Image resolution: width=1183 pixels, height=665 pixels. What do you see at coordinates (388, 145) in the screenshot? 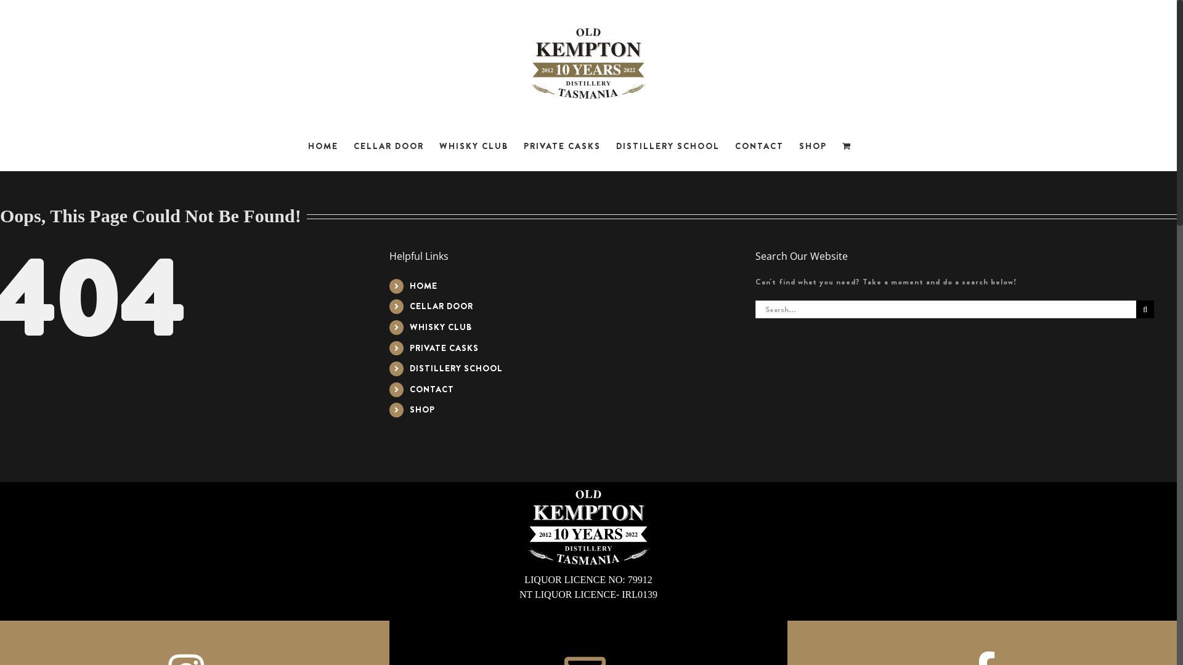
I see `'CELLAR DOOR'` at bounding box center [388, 145].